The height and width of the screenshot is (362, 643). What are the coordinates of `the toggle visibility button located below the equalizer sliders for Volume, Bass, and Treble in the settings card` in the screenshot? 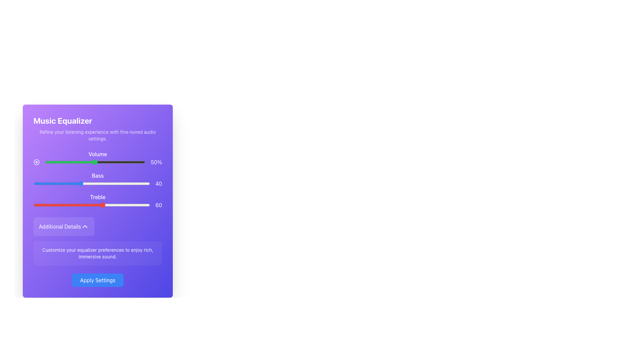 It's located at (64, 226).